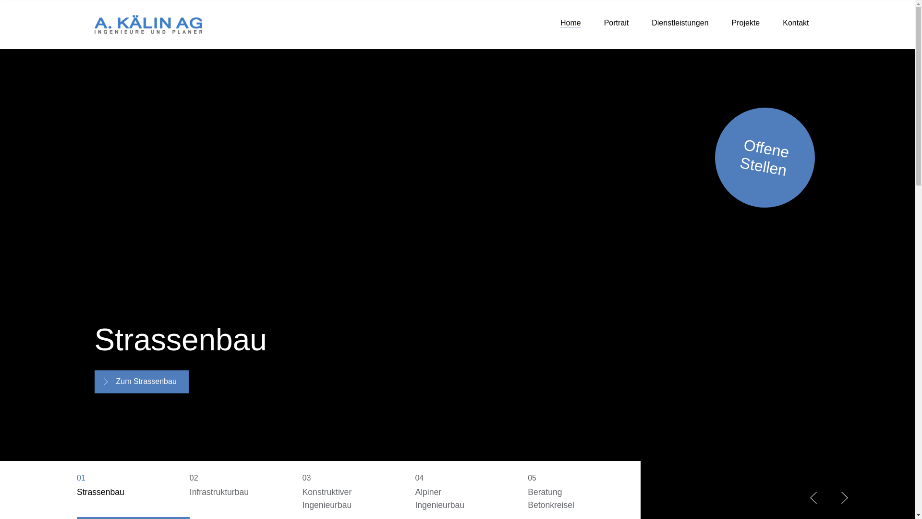 The width and height of the screenshot is (922, 519). Describe the element at coordinates (679, 22) in the screenshot. I see `'Dienstleistungen'` at that location.